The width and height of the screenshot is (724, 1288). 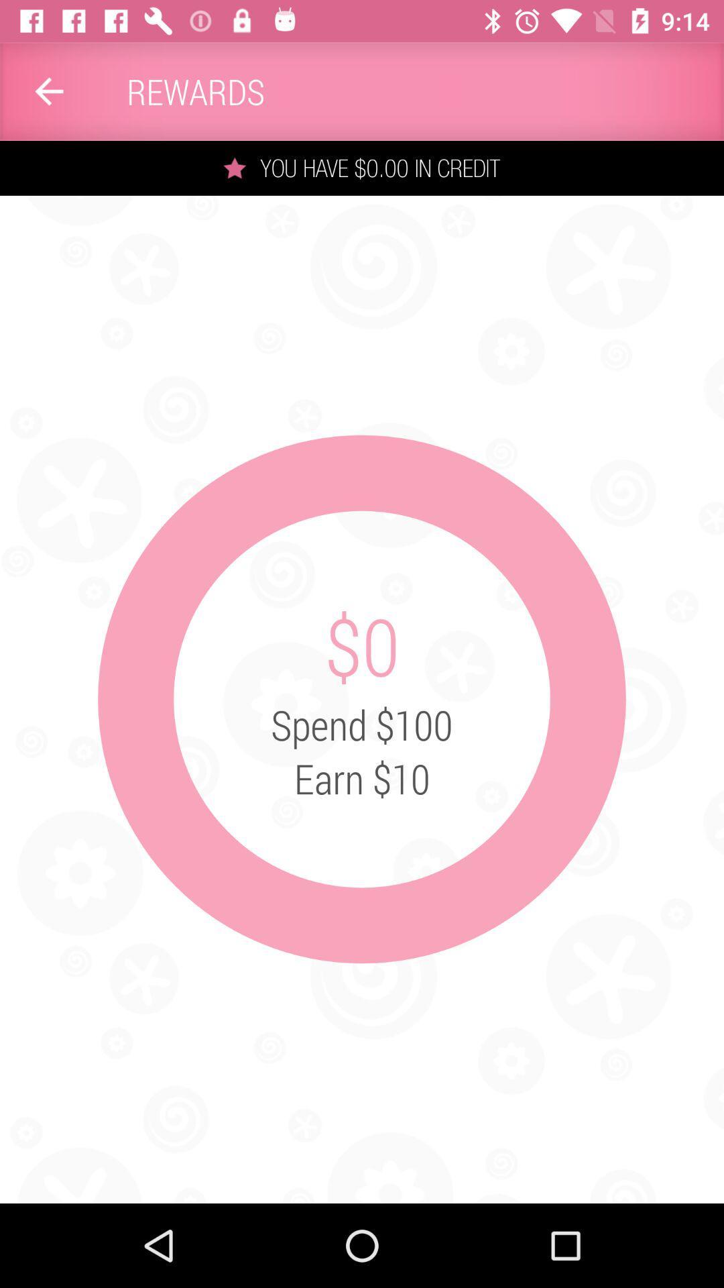 What do you see at coordinates (48, 91) in the screenshot?
I see `item next to the rewards app` at bounding box center [48, 91].